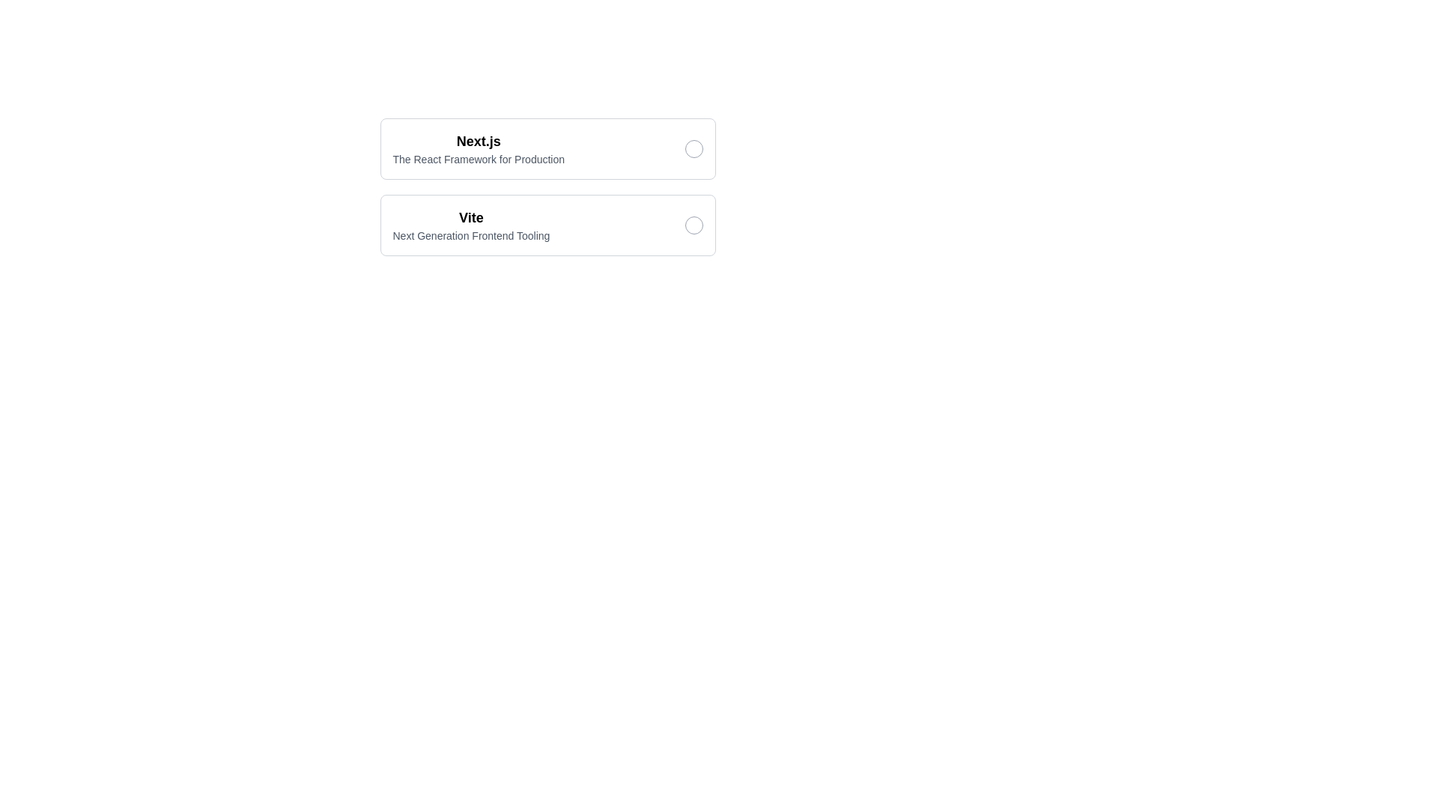 The width and height of the screenshot is (1438, 809). I want to click on the text block displaying 'Vite' and its subtitle 'Next Generation Frontend Tooling', which is the second item in a vertical list of two, located below the 'Next.js The React Framework for Production' text, so click(470, 225).